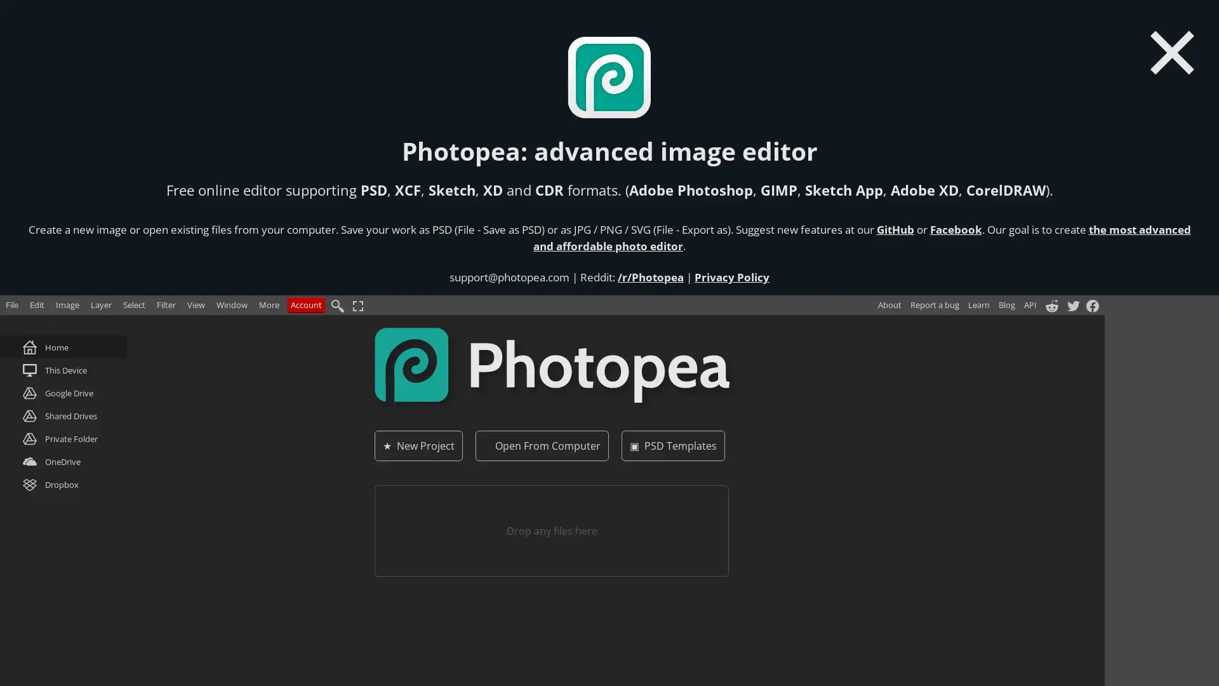 The height and width of the screenshot is (686, 1219). I want to click on Window, so click(232, 10).